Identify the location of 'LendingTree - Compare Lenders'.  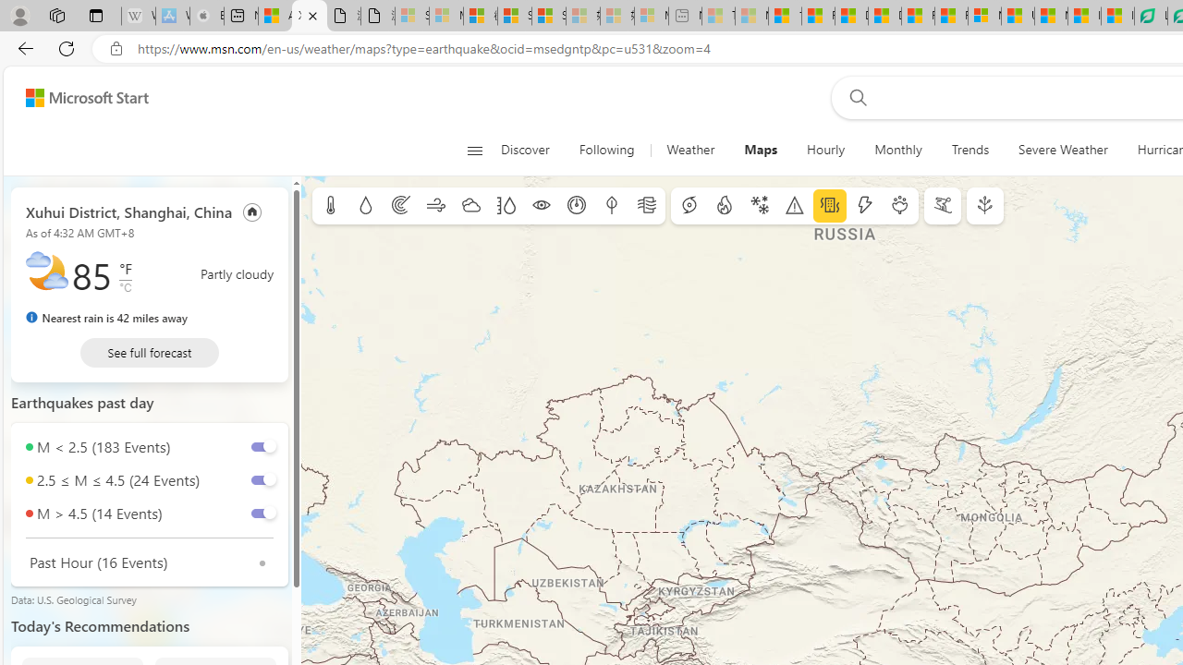
(1150, 16).